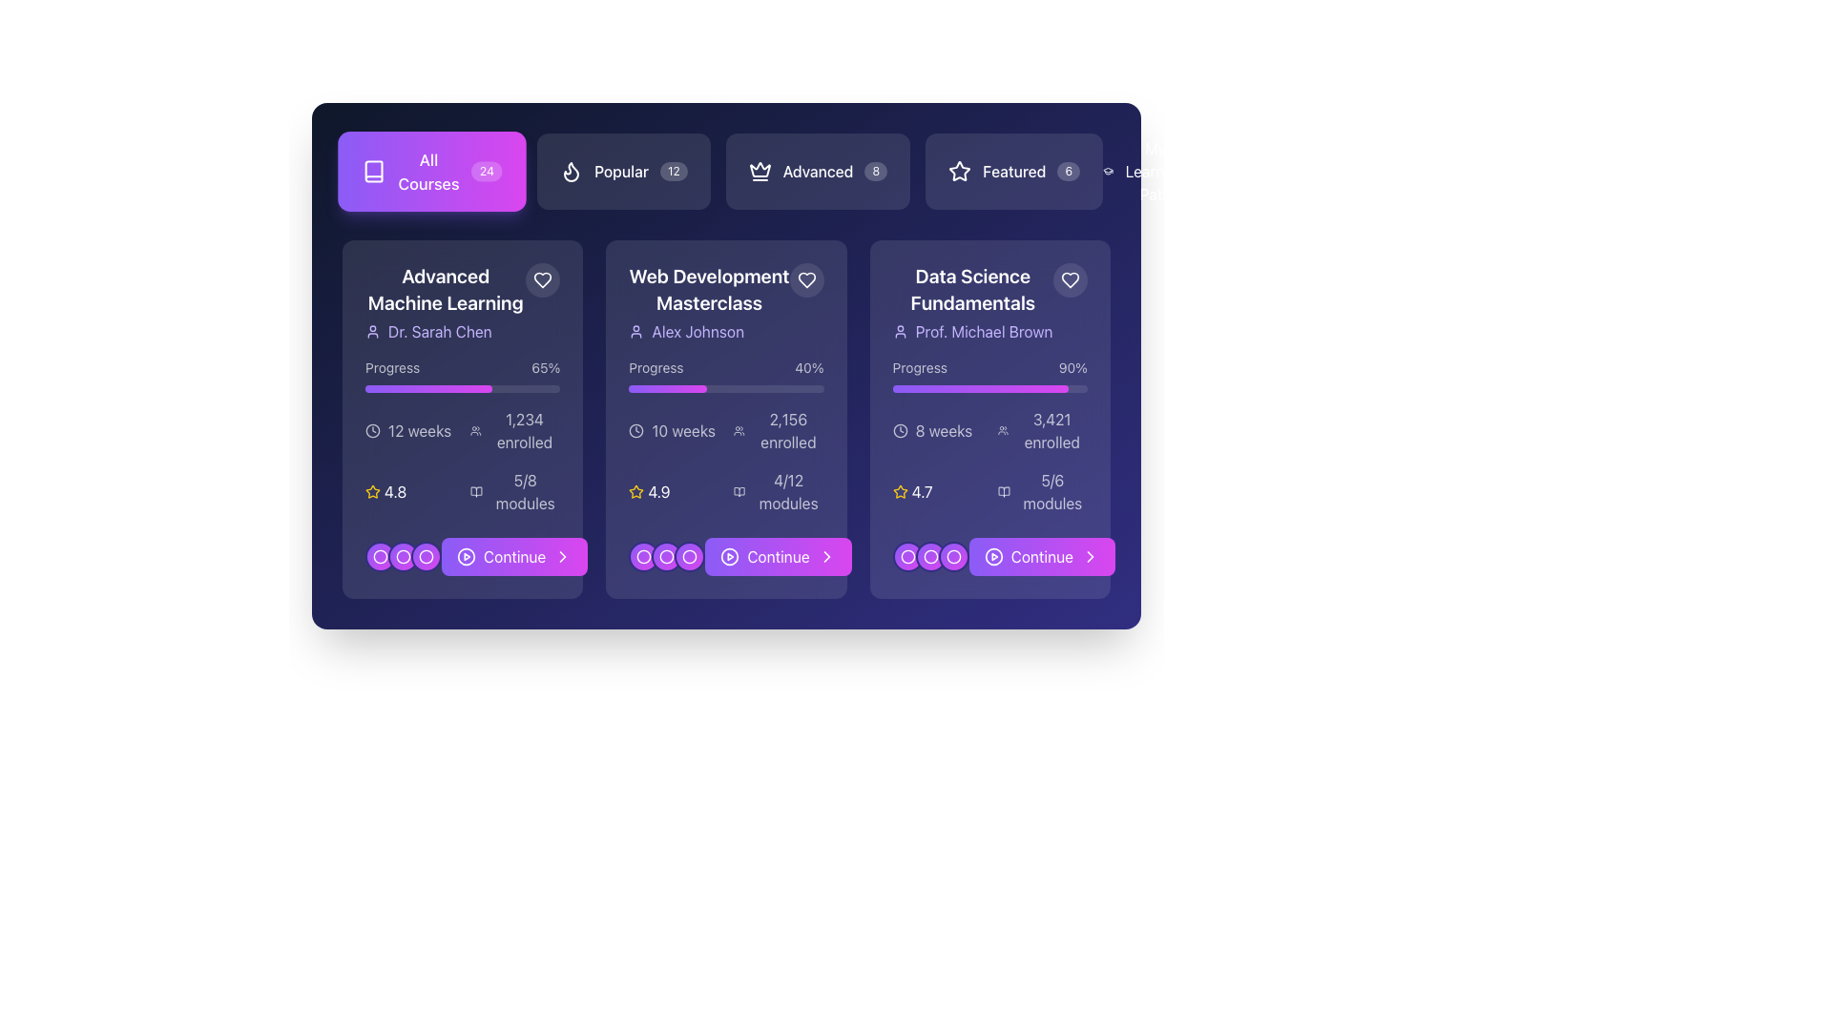 The width and height of the screenshot is (1832, 1030). What do you see at coordinates (1013, 172) in the screenshot?
I see `the filter button with an icon and a badge located at the top-right corner of the interface, next to 'All Courses', 'Popular', and 'Advanced' buttons to trigger a visual effect indicating interactivity` at bounding box center [1013, 172].